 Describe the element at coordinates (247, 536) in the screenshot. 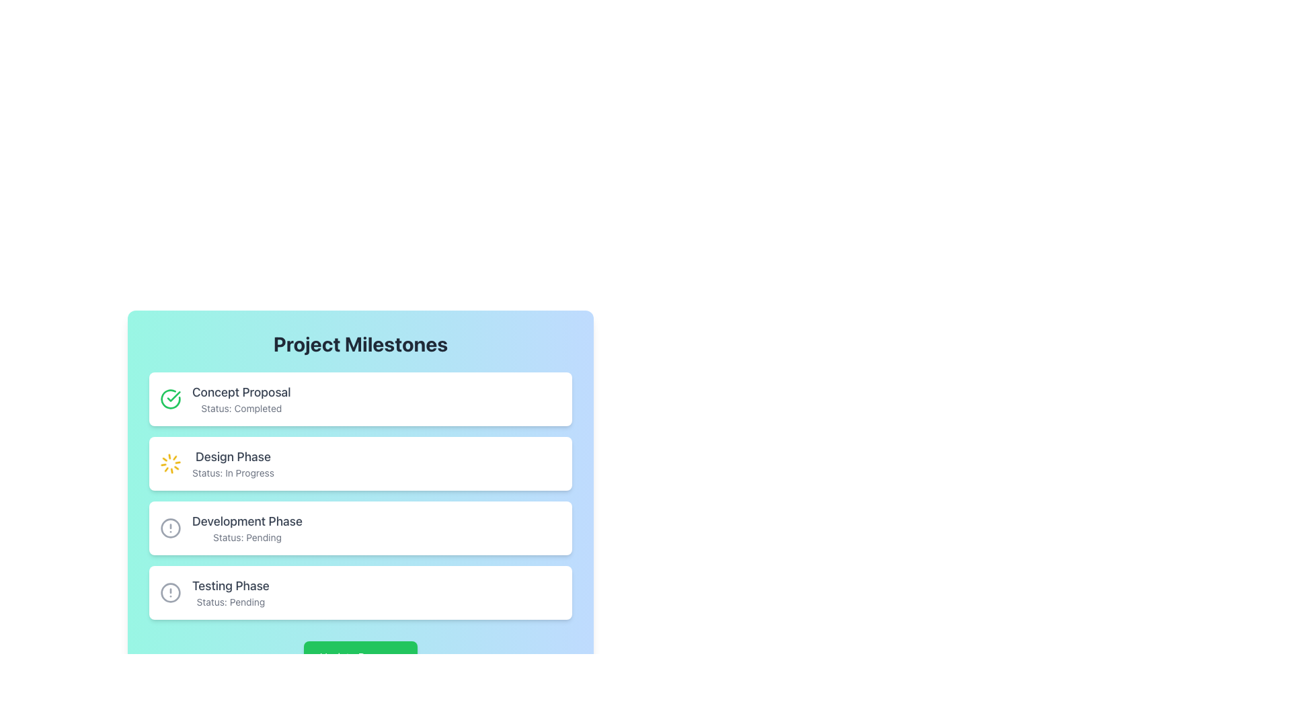

I see `text of the informative label indicating the current status of the 'Development Phase' milestone located beneath the 'Development Phase' element in the 'Project Milestones' section` at that location.